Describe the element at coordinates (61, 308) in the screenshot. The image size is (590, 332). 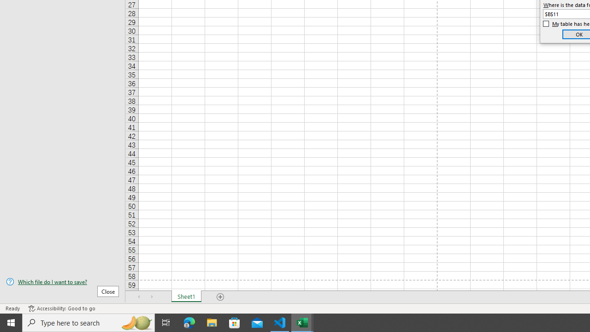
I see `'Accessibility Checker Accessibility: Good to go'` at that location.